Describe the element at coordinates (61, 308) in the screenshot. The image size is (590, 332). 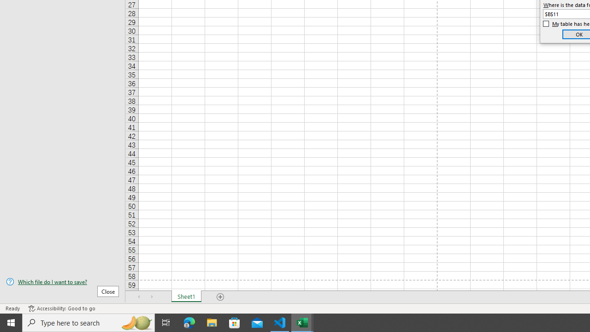
I see `'Accessibility Checker Accessibility: Good to go'` at that location.